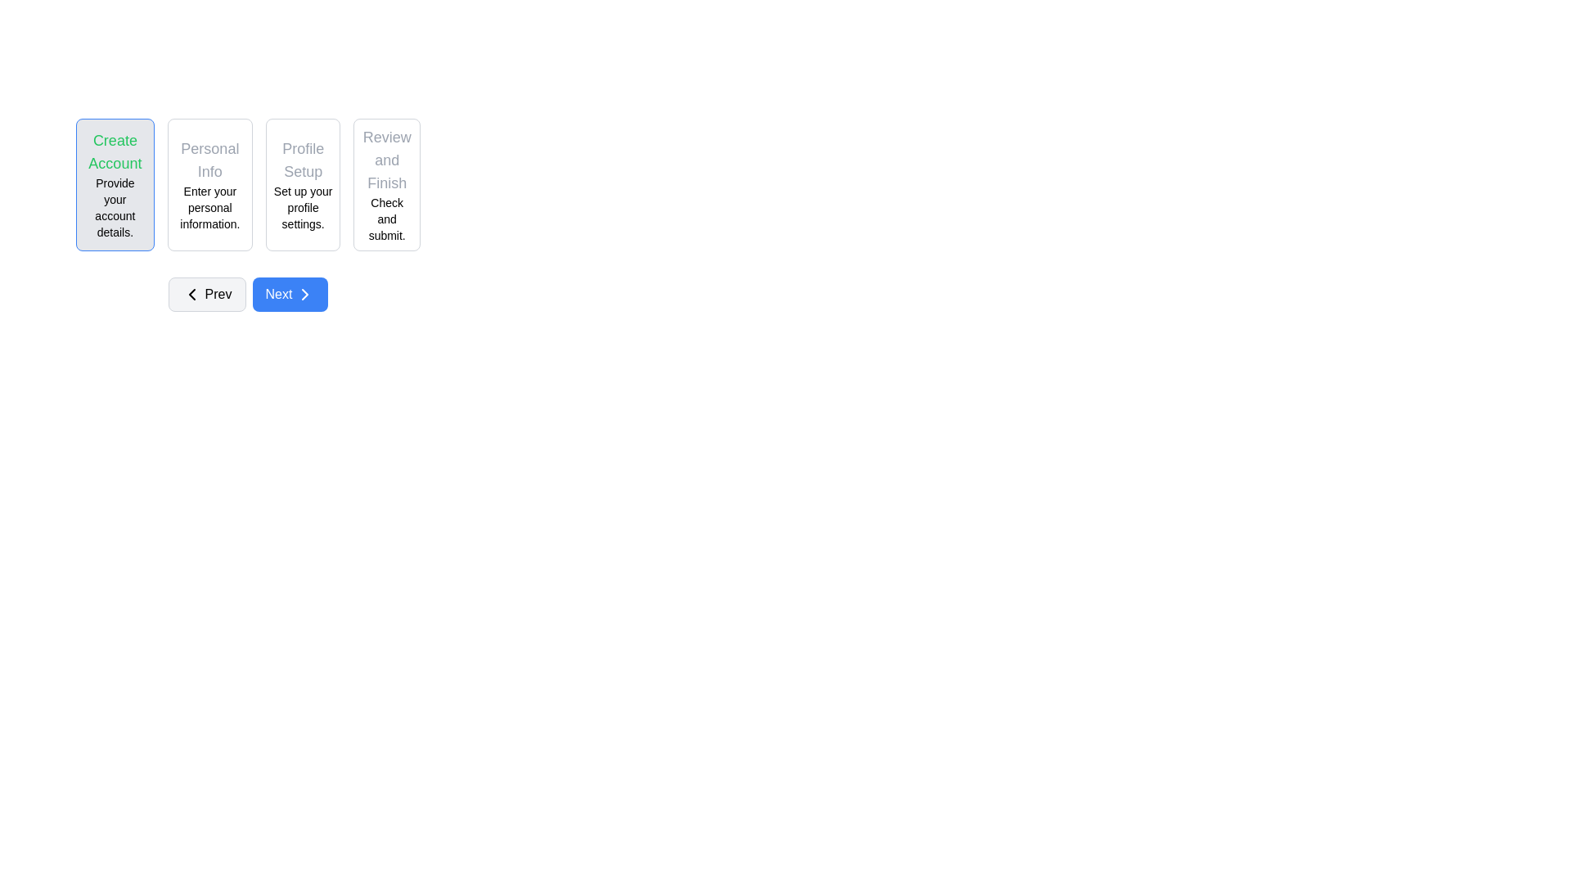  Describe the element at coordinates (191, 293) in the screenshot. I see `the left-facing chevron arrow symbol on the 'Prev' button` at that location.